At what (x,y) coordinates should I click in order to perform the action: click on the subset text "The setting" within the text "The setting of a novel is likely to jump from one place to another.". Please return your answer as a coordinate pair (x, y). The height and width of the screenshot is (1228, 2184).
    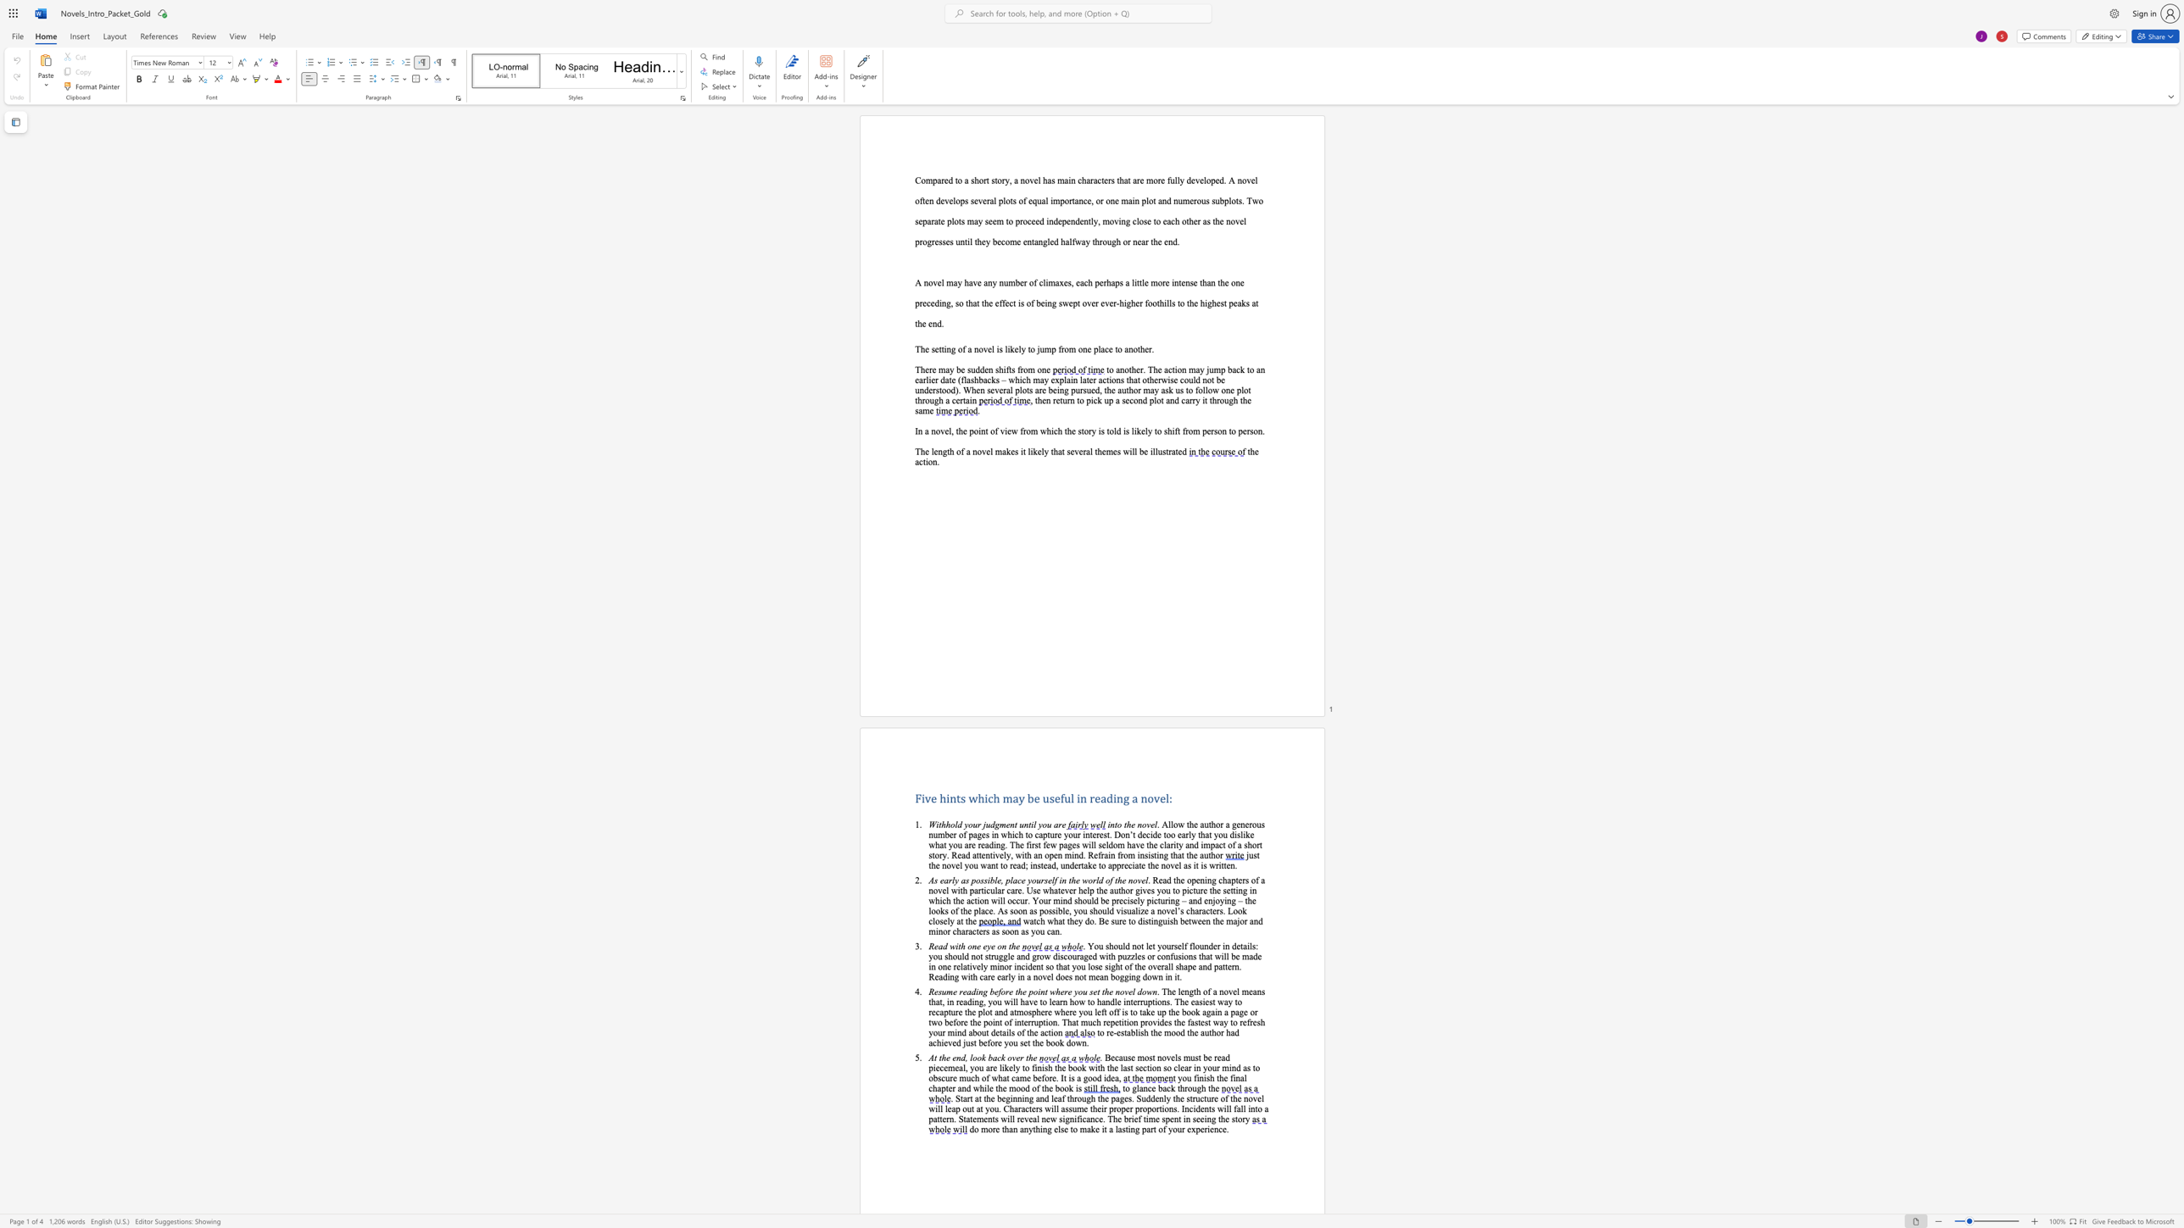
    Looking at the image, I should click on (915, 348).